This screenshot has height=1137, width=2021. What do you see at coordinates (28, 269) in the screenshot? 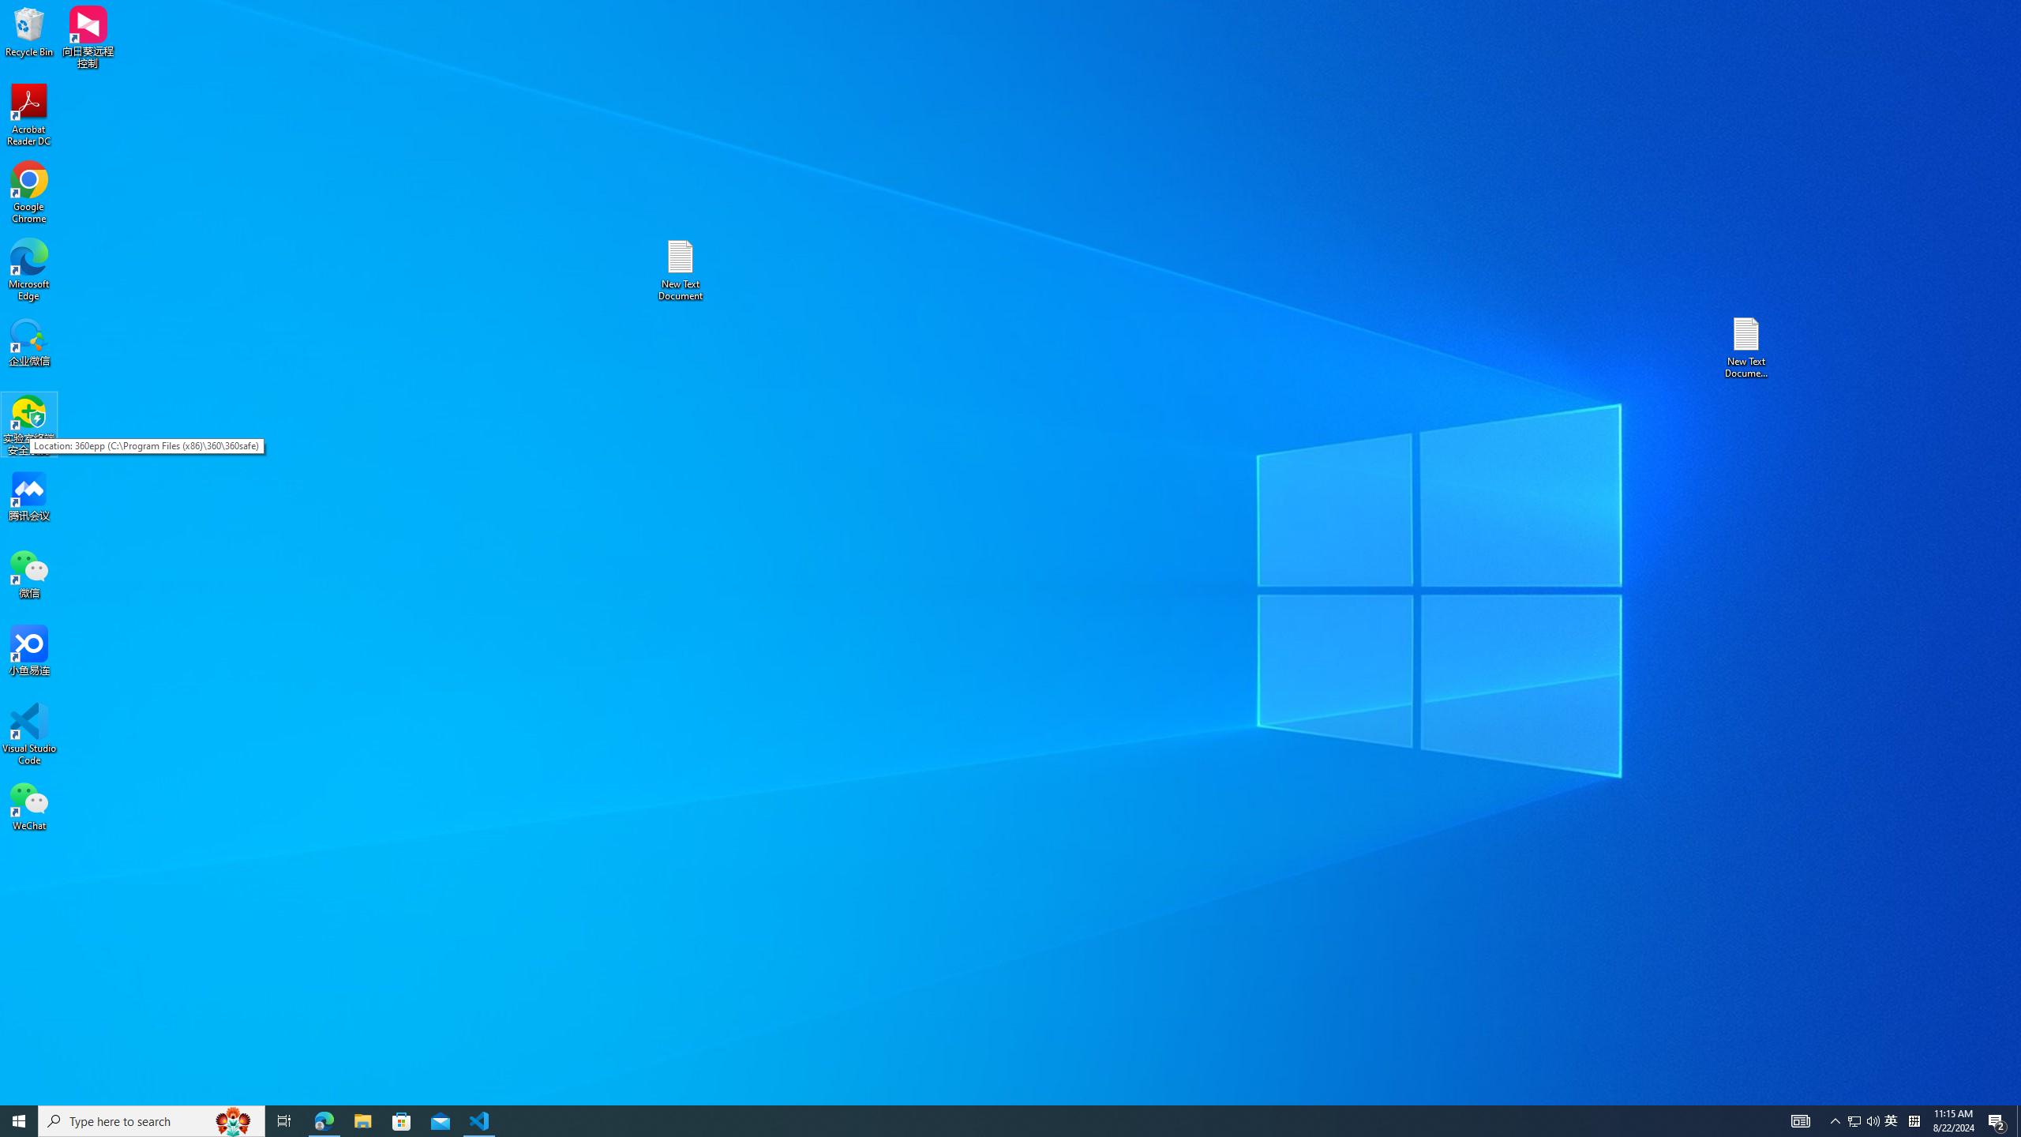
I see `'Microsoft Edge'` at bounding box center [28, 269].